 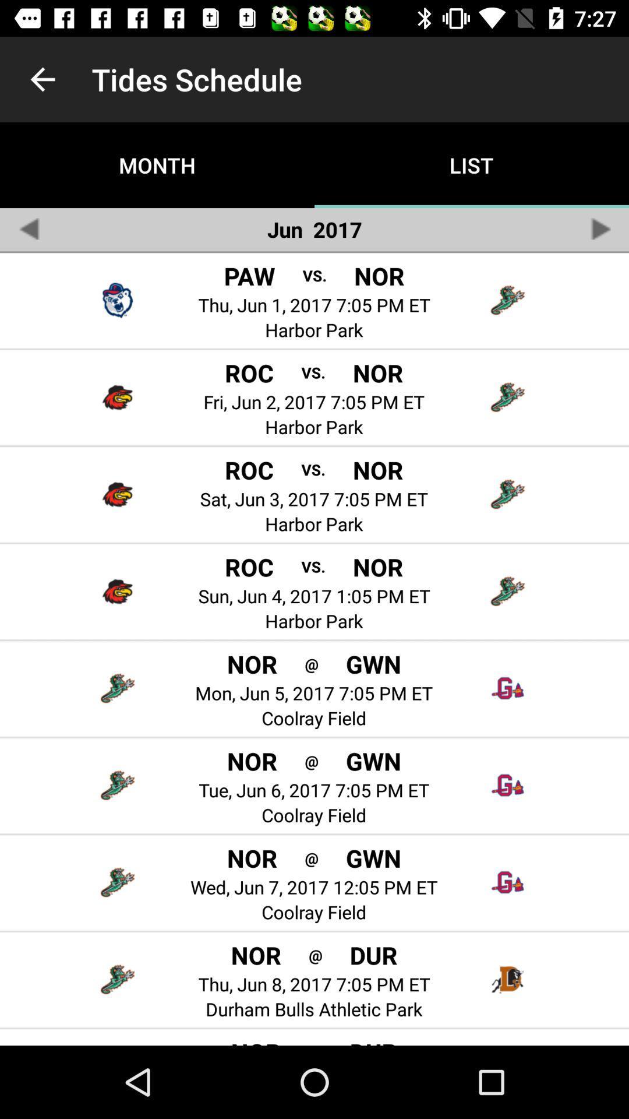 I want to click on app to the left of the dur app, so click(x=315, y=1043).